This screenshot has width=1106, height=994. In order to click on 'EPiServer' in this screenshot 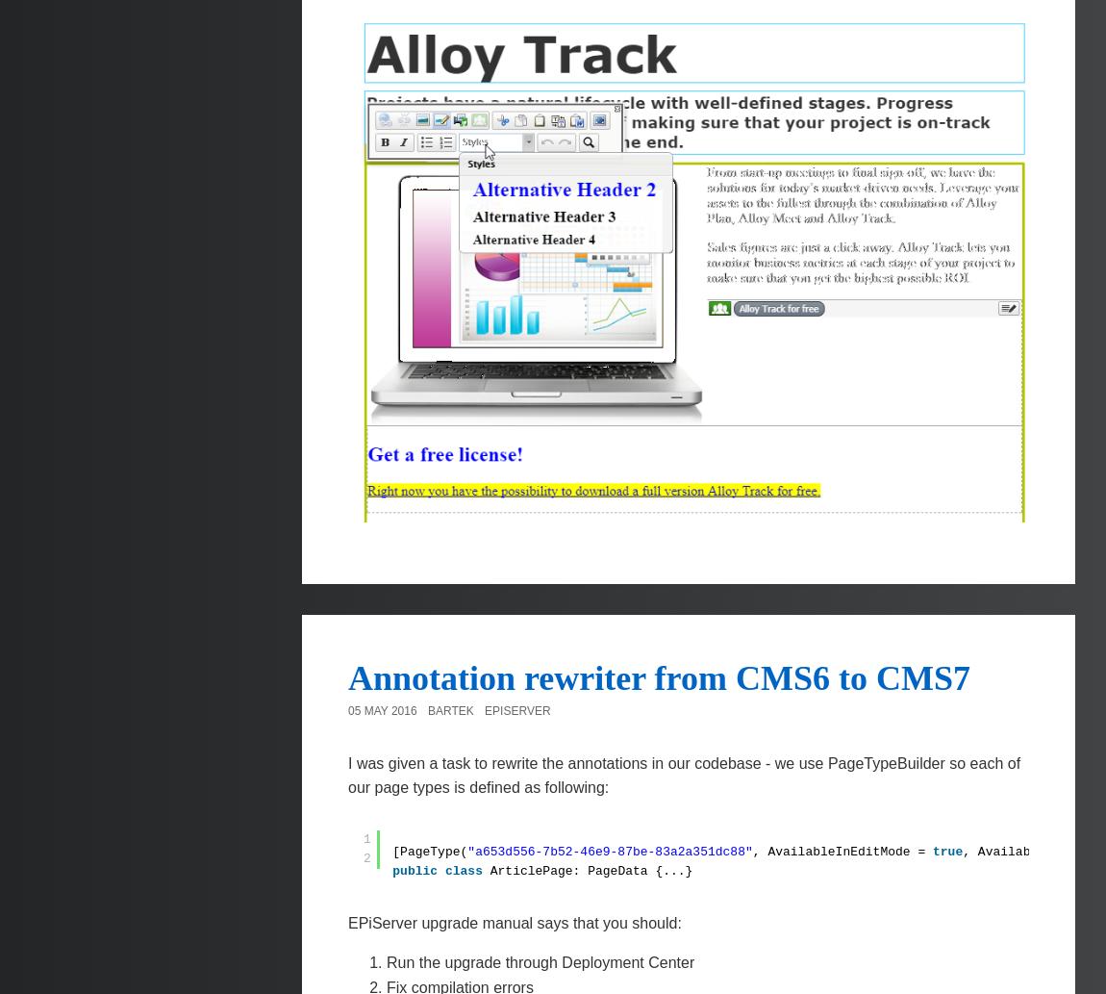, I will do `click(516, 711)`.